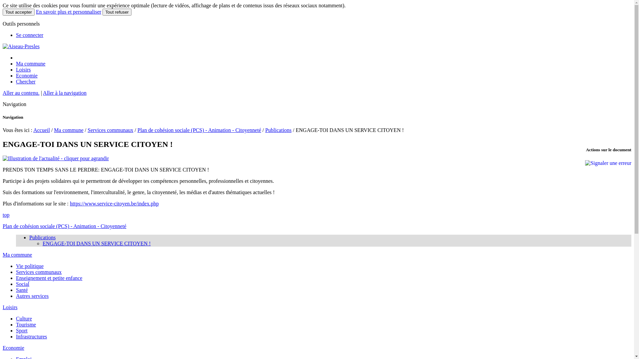 Image resolution: width=639 pixels, height=359 pixels. What do you see at coordinates (608, 163) in the screenshot?
I see `'Signaler une erreur'` at bounding box center [608, 163].